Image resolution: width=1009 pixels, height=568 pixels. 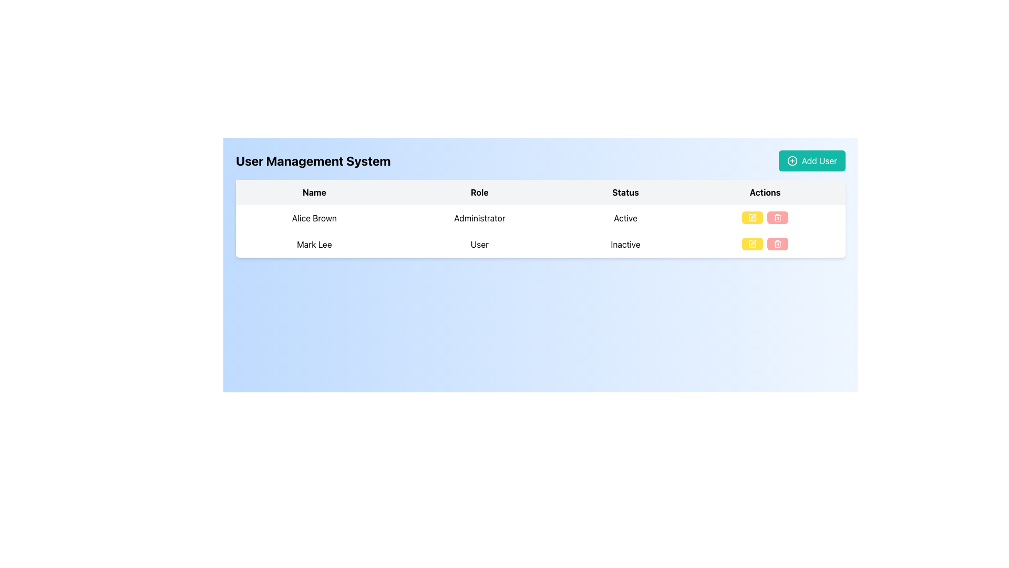 I want to click on the central circular component of the 'Add User' button icon located at the top-right of the layout, so click(x=792, y=160).